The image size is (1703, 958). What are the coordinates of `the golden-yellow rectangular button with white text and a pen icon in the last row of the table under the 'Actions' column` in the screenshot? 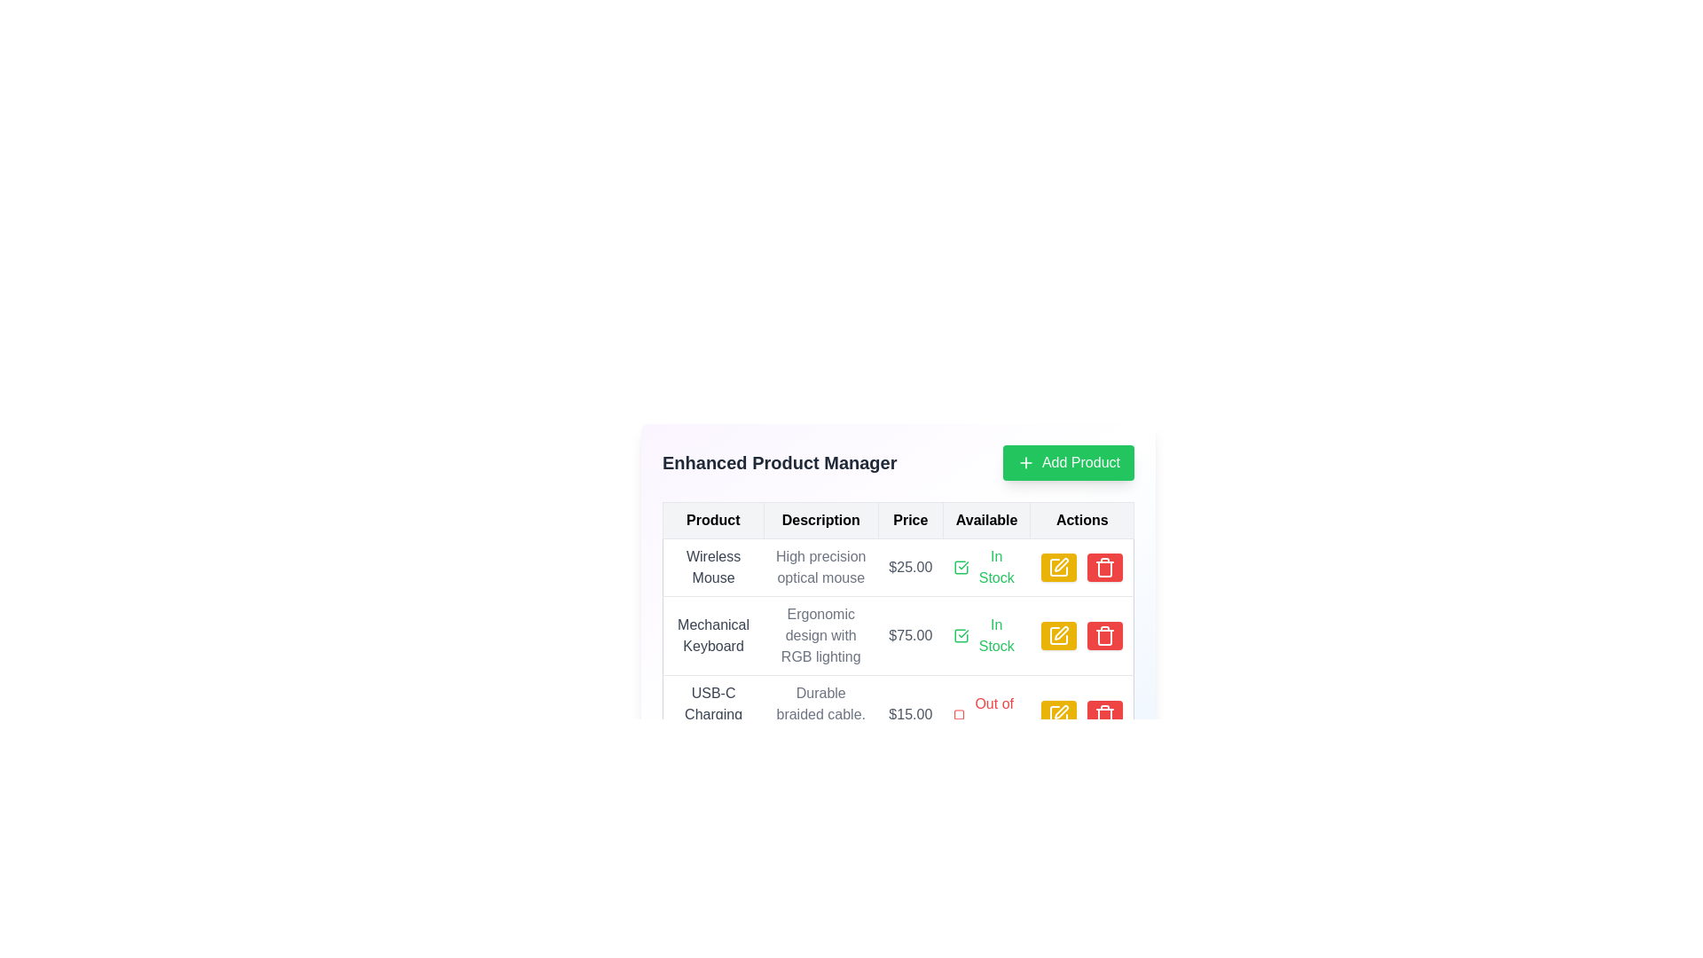 It's located at (1059, 714).